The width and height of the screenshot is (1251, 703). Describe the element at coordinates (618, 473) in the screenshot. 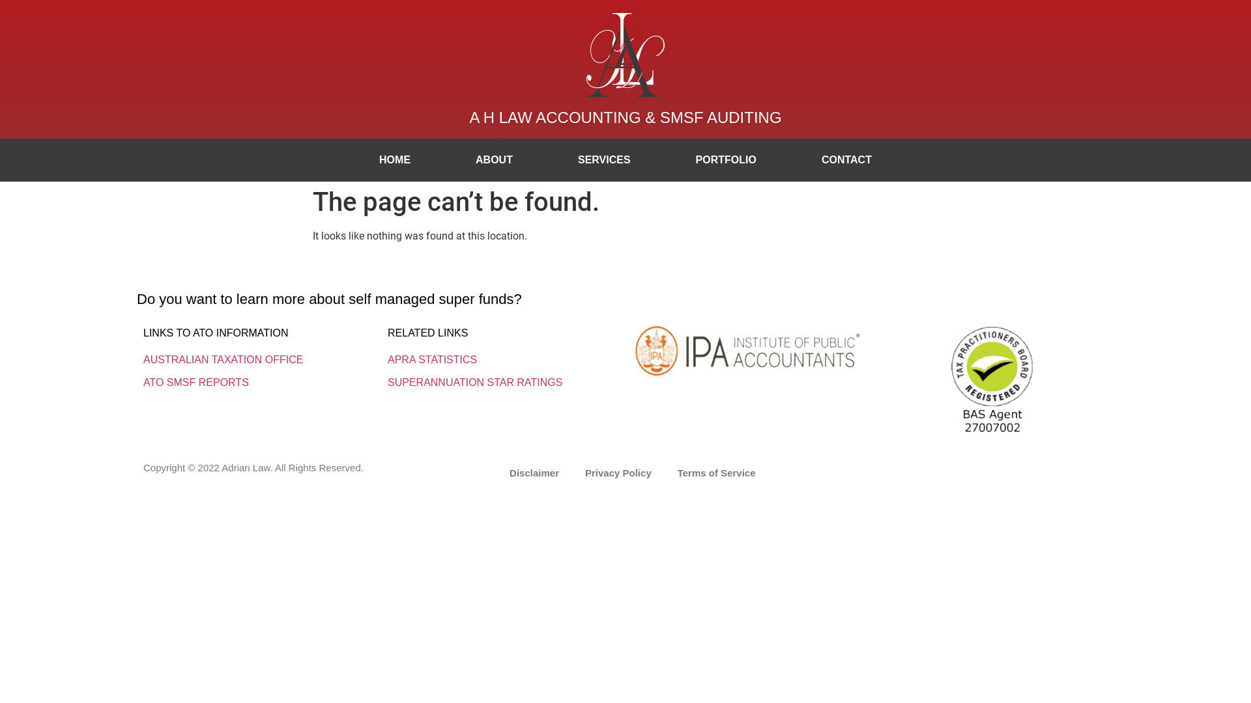

I see `'Privacy Policy'` at that location.